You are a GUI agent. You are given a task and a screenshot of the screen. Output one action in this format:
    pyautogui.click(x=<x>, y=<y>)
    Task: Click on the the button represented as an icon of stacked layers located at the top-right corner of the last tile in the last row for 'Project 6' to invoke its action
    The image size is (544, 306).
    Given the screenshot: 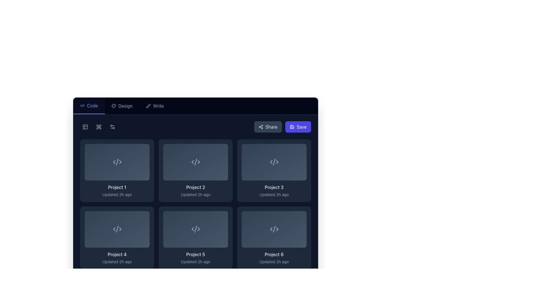 What is the action you would take?
    pyautogui.click(x=305, y=212)
    